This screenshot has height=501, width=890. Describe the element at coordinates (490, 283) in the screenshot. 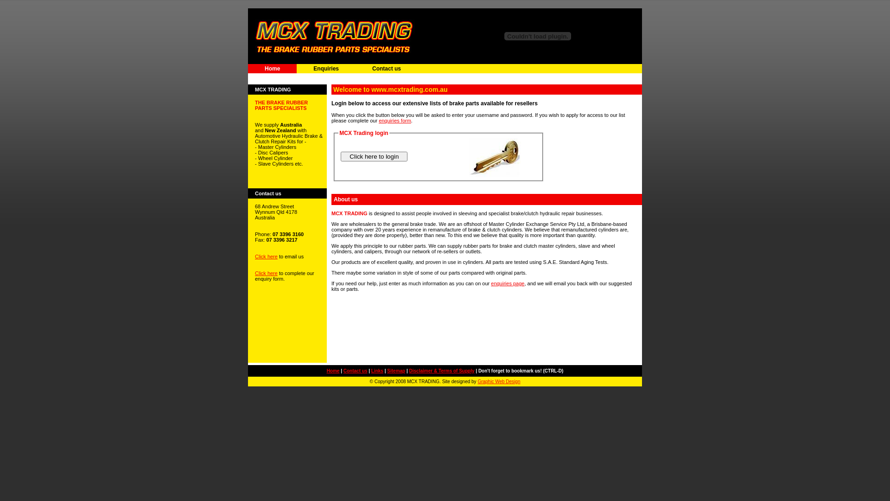

I see `'enquiries page'` at that location.